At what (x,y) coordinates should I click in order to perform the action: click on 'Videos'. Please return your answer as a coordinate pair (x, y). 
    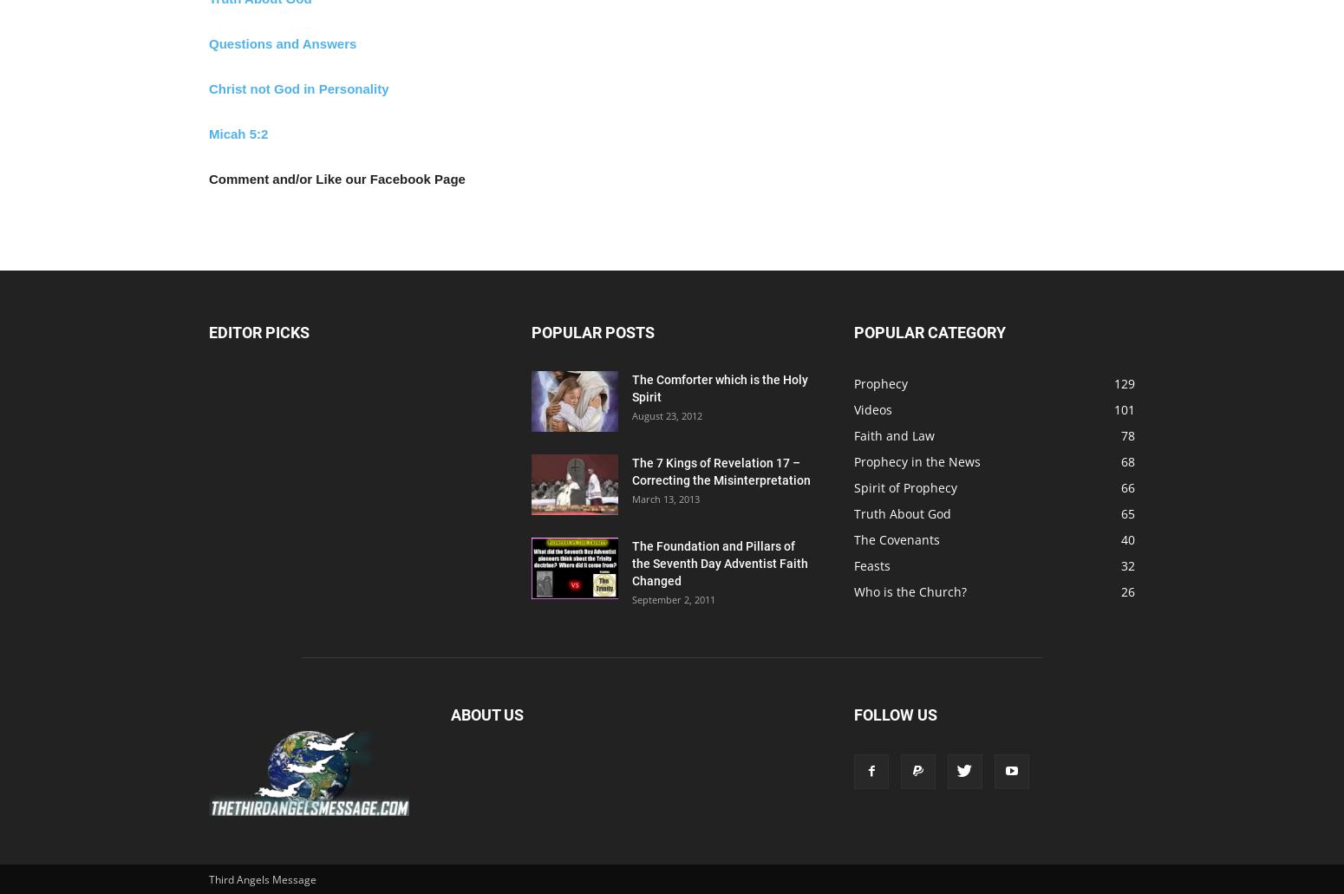
    Looking at the image, I should click on (853, 409).